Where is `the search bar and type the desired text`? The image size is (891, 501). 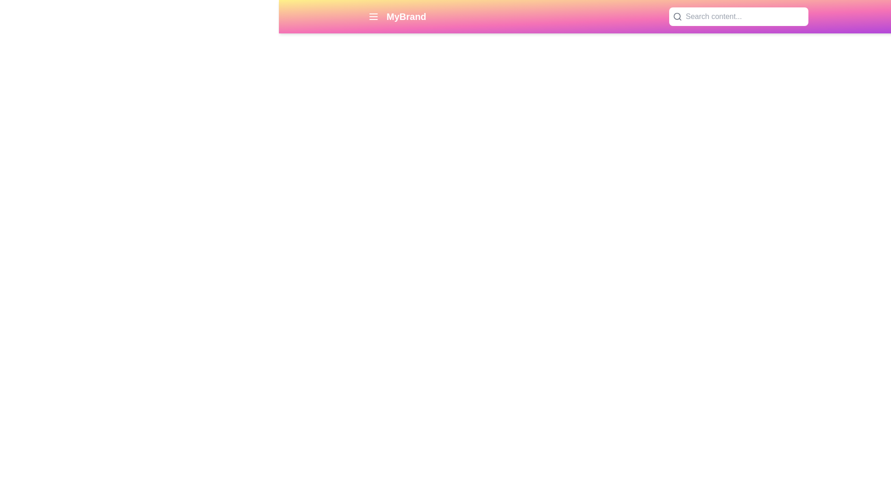 the search bar and type the desired text is located at coordinates (745, 16).